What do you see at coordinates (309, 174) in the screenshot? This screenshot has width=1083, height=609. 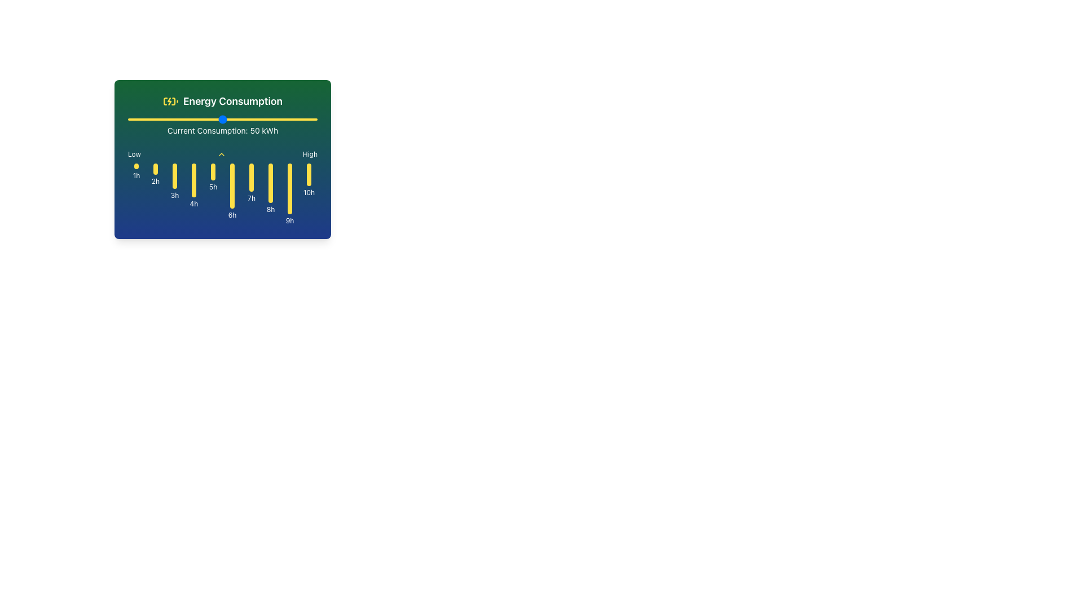 I see `the visual indicator bar representing energy consumption for the tenth hour, located beneath the '10h' label` at bounding box center [309, 174].